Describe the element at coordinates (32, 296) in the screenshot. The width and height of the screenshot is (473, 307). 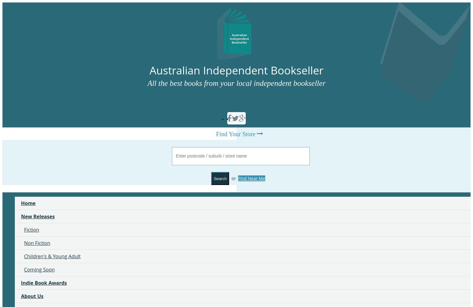
I see `'About Us'` at that location.